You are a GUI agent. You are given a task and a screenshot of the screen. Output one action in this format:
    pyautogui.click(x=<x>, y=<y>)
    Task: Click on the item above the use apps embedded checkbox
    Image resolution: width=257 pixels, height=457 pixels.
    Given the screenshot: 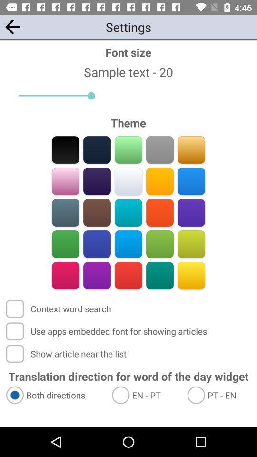 What is the action you would take?
    pyautogui.click(x=59, y=308)
    